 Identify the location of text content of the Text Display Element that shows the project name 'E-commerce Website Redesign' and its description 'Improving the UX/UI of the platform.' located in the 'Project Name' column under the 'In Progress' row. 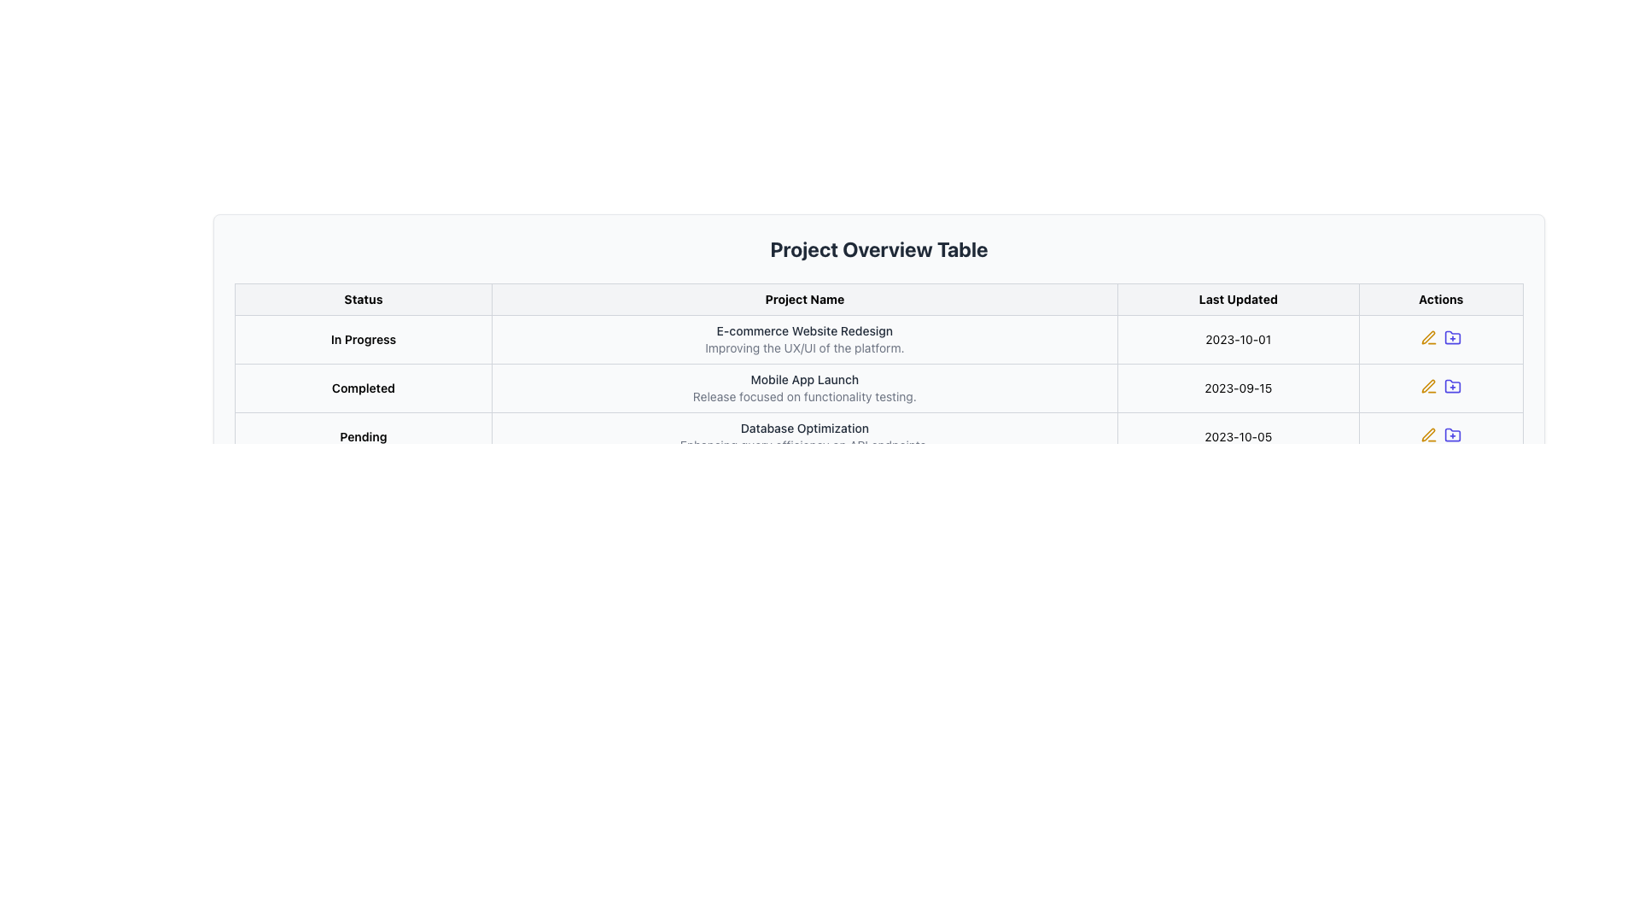
(803, 339).